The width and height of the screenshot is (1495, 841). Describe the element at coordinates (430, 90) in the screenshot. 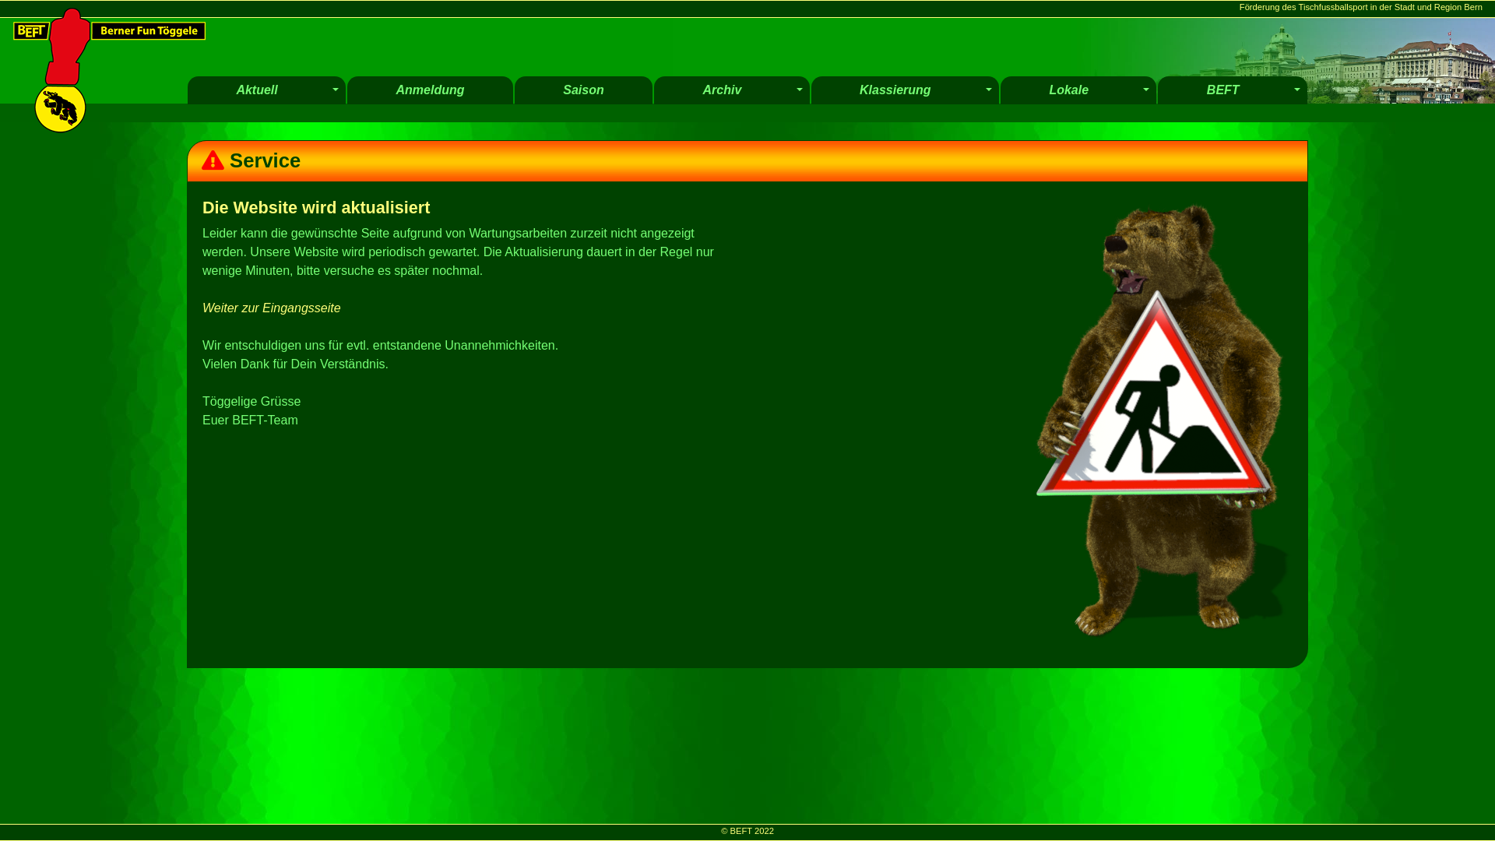

I see `'Anmeldung'` at that location.